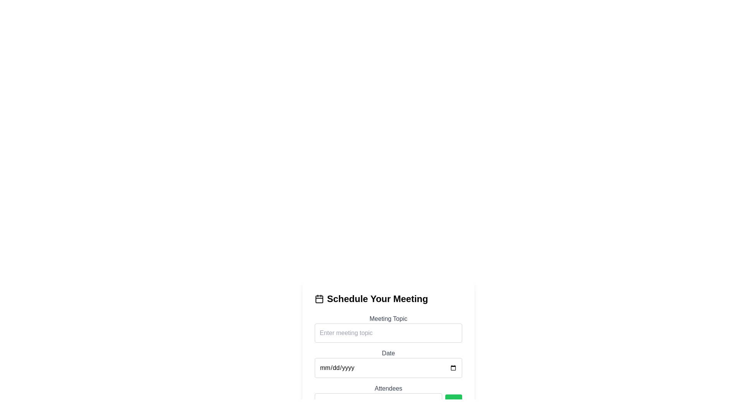  Describe the element at coordinates (388, 353) in the screenshot. I see `the 'Date' text label, which is styled with a gray font and positioned above the date input box in the form` at that location.